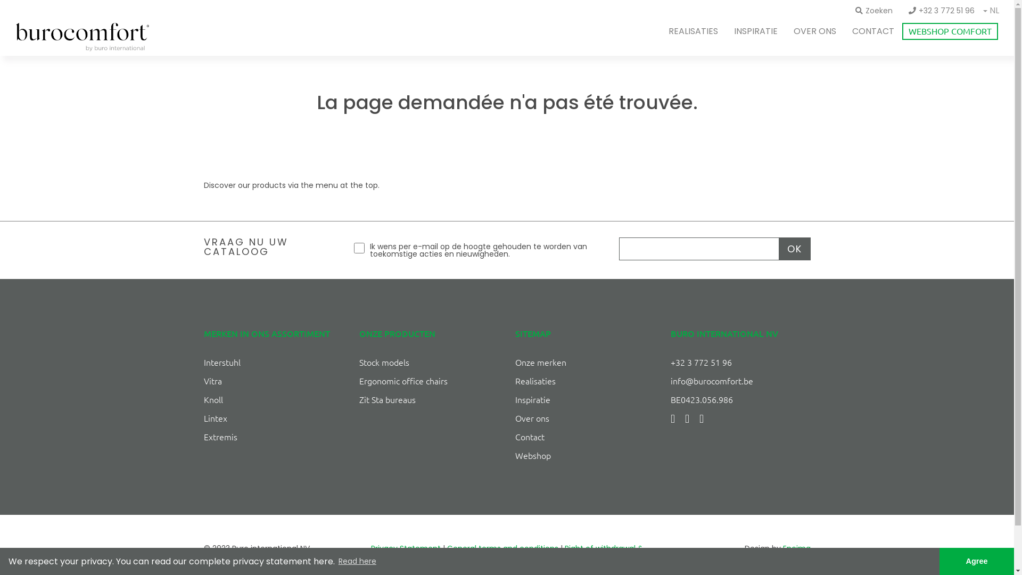 This screenshot has width=1022, height=575. I want to click on 'logo-buro', so click(81, 36).